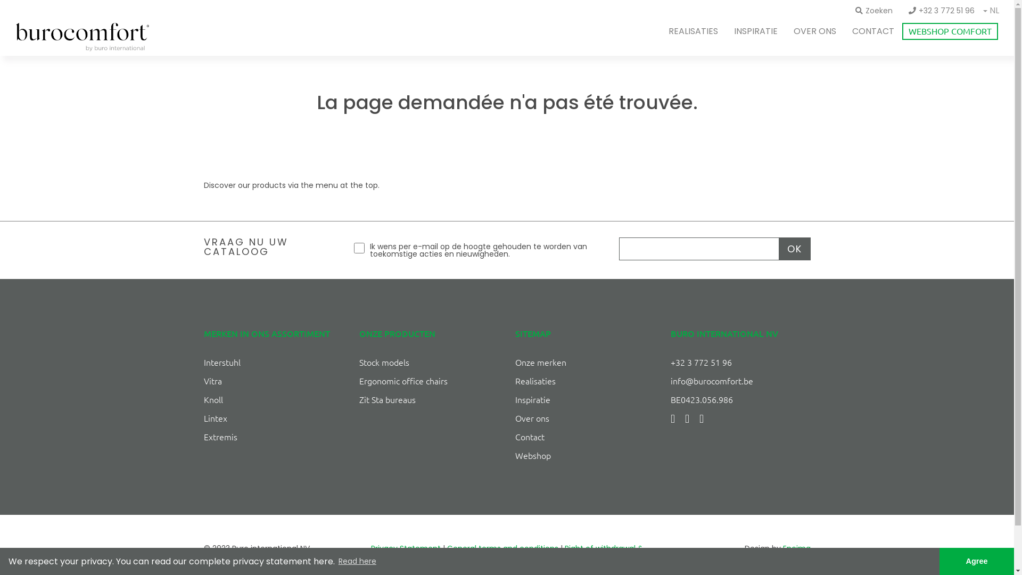 This screenshot has width=1022, height=575. I want to click on 'logo-buro', so click(81, 36).